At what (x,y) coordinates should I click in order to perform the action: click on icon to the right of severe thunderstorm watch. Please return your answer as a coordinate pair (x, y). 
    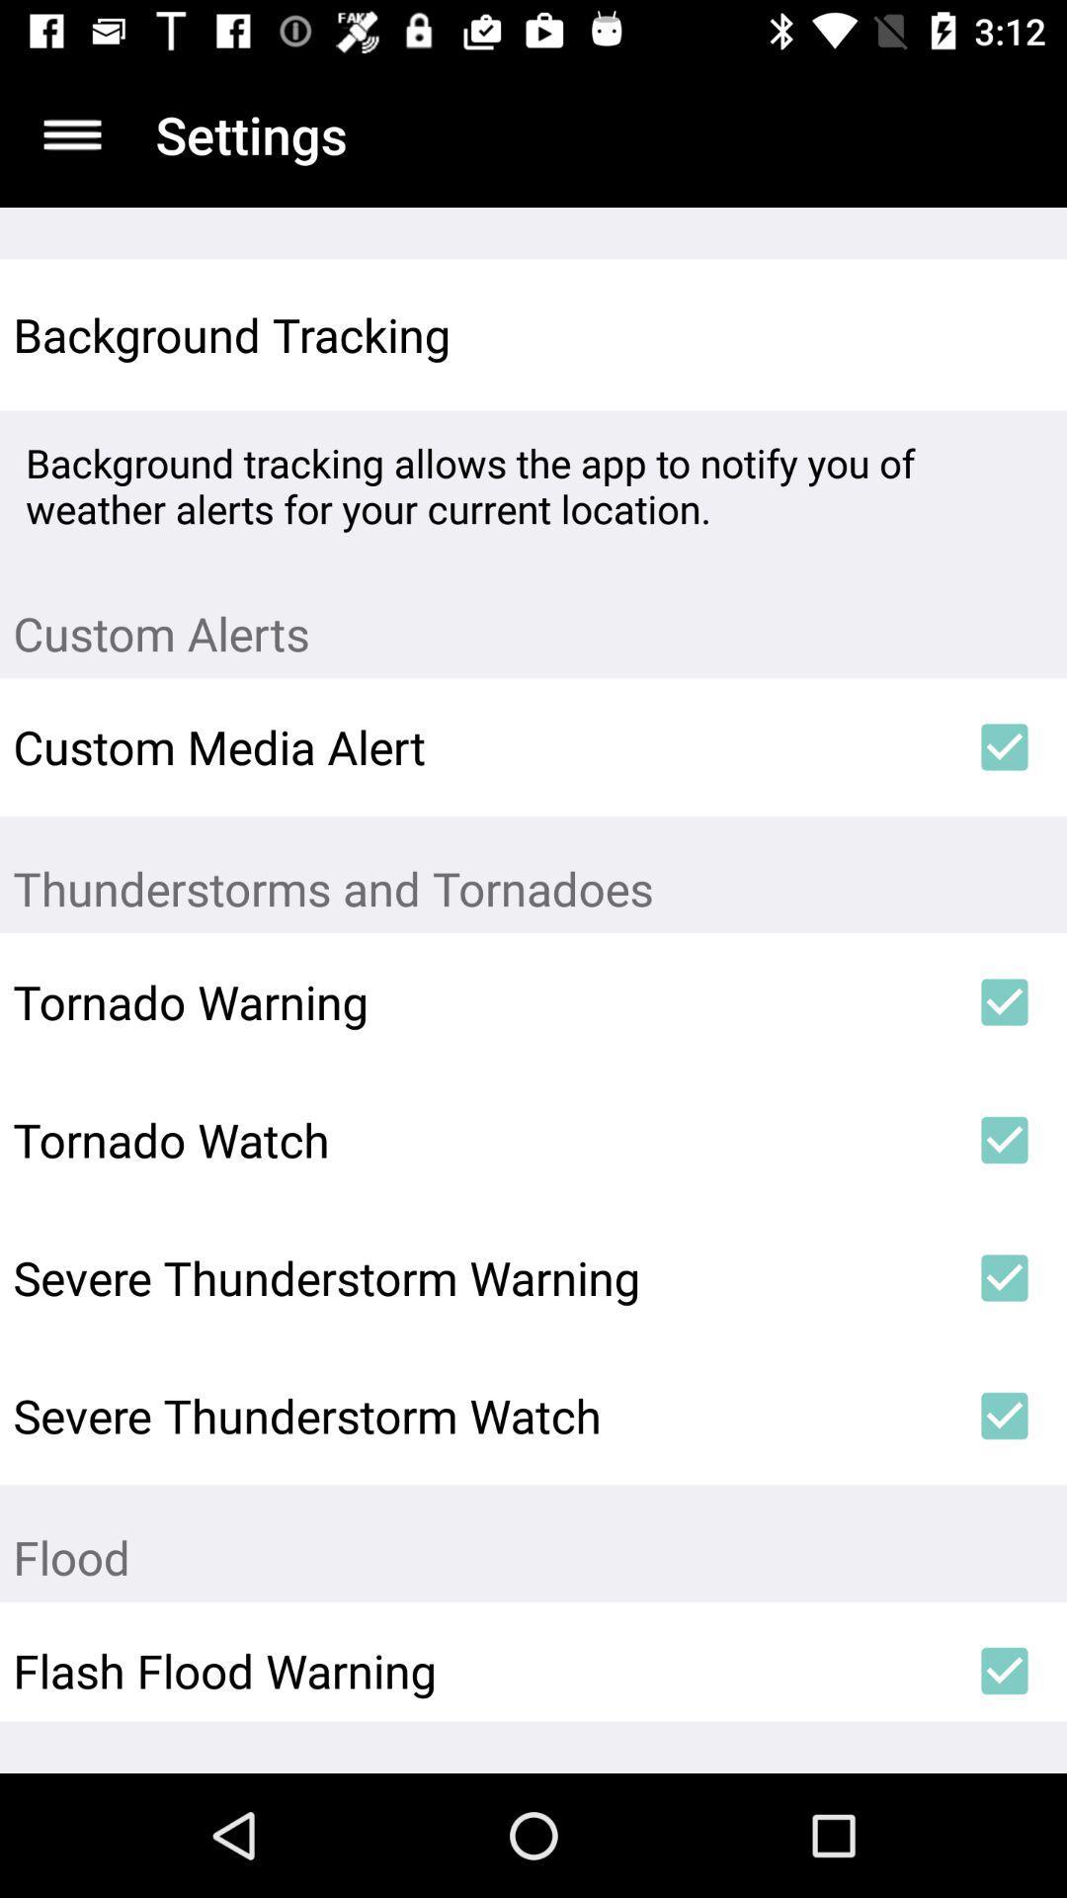
    Looking at the image, I should click on (1005, 1415).